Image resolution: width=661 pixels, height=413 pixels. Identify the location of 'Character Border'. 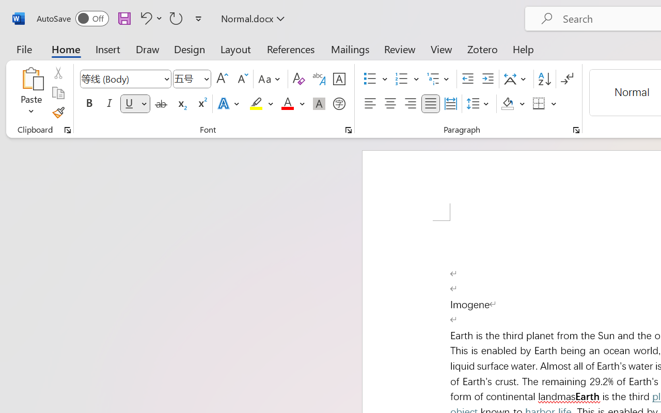
(339, 79).